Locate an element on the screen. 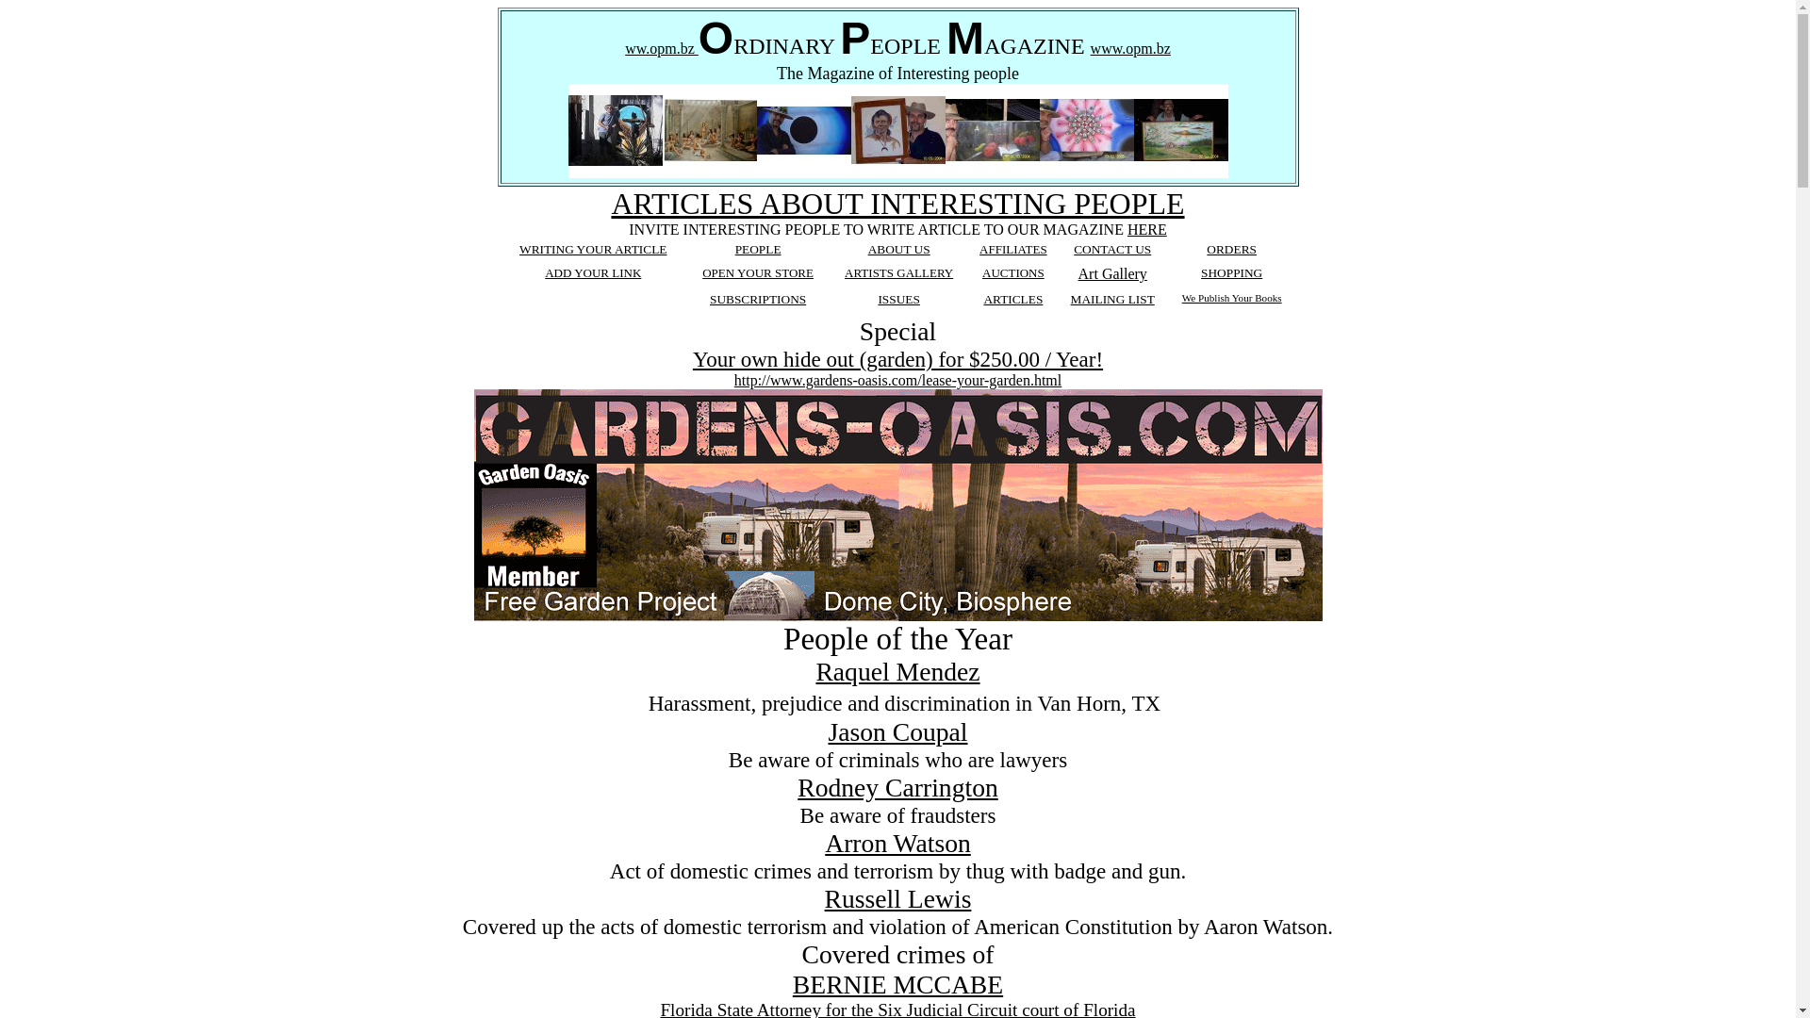 Image resolution: width=1810 pixels, height=1018 pixels. 'AFFILIATES' is located at coordinates (1012, 248).